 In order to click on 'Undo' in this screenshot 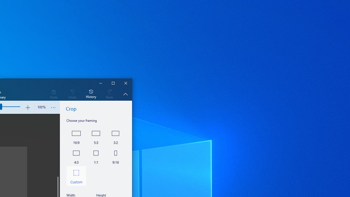, I will do `click(72, 94)`.